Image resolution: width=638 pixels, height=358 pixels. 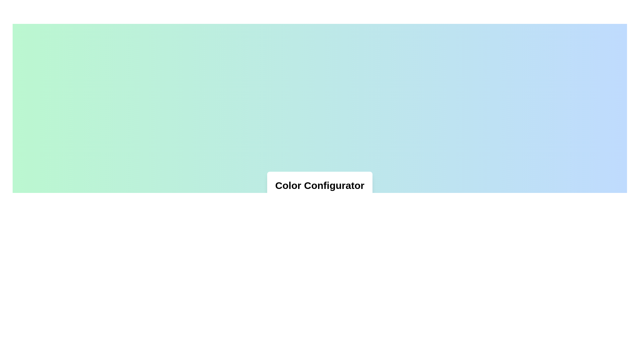 I want to click on the Color Picker Button, a small circular button with a hexagonal color value of #FFAA33, so click(x=286, y=207).